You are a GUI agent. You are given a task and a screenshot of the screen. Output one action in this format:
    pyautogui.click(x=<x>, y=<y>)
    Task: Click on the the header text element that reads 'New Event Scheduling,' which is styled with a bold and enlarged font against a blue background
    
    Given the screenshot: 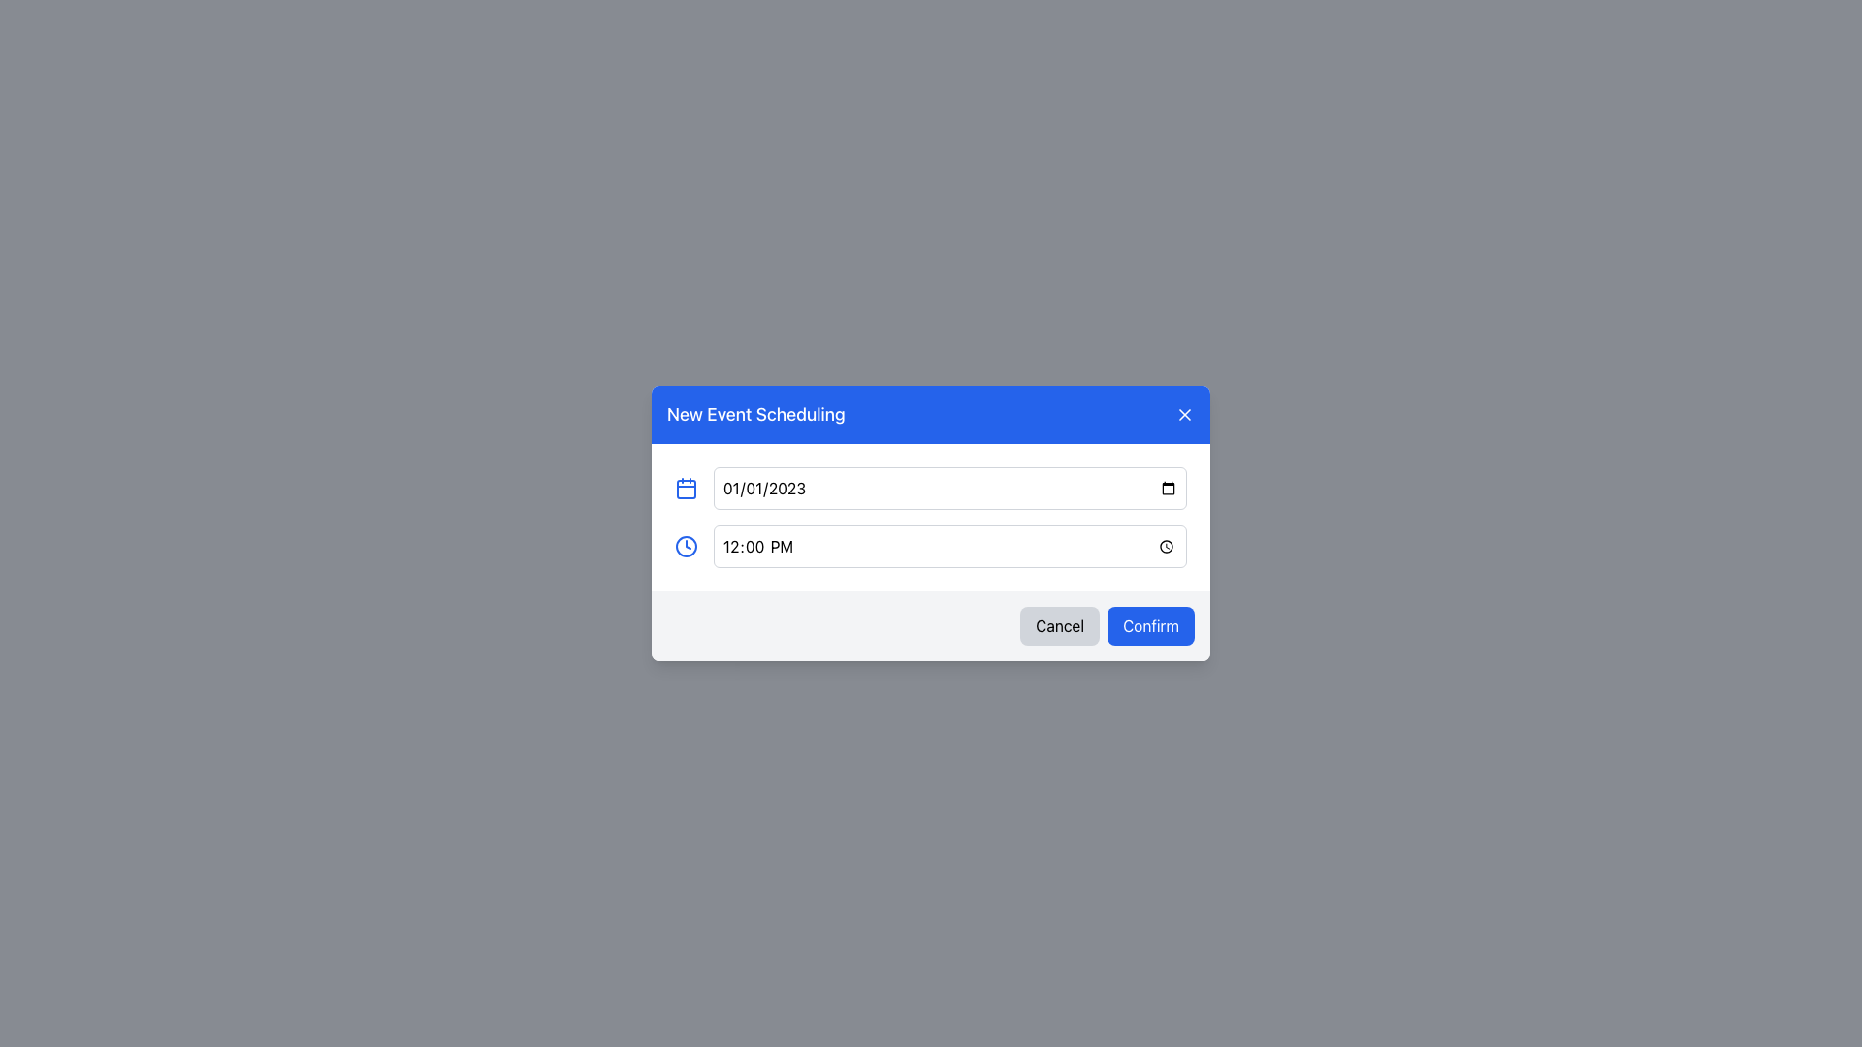 What is the action you would take?
    pyautogui.click(x=754, y=414)
    